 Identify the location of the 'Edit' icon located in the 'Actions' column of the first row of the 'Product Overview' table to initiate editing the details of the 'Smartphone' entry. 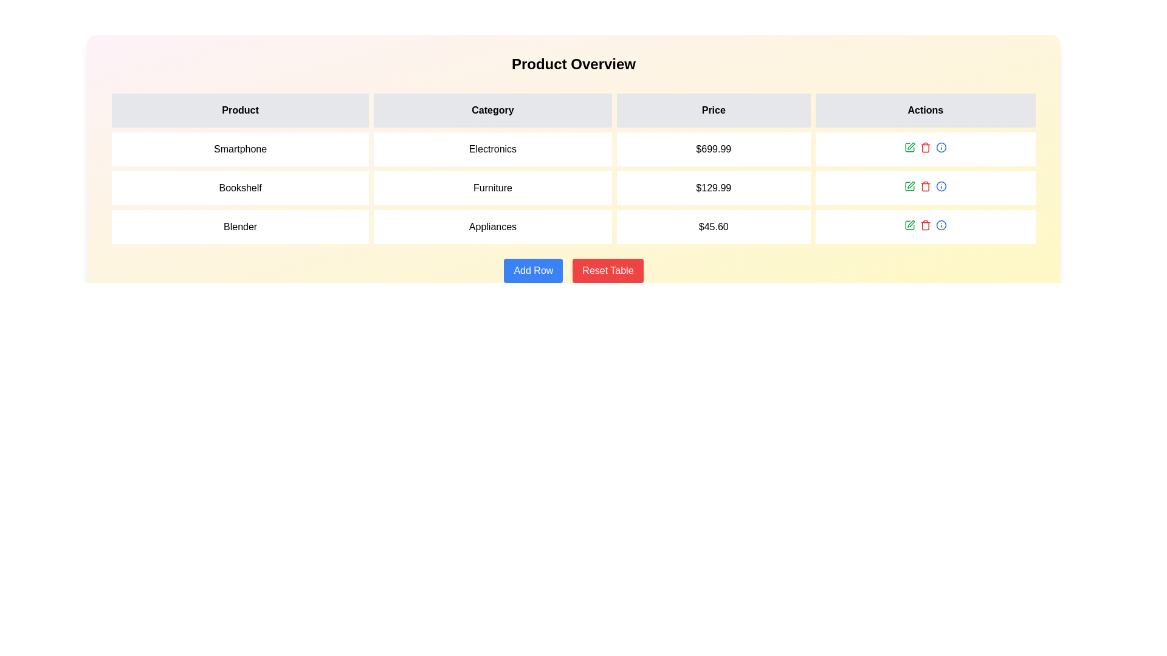
(911, 145).